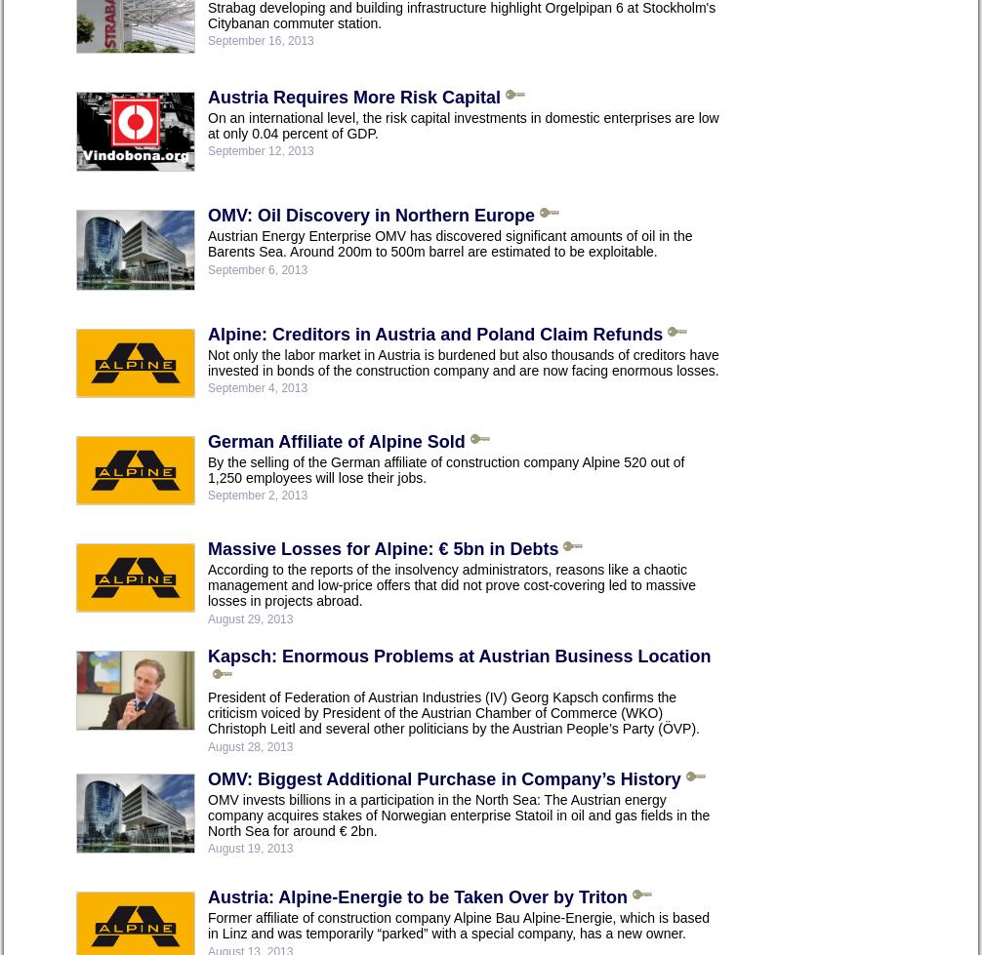  I want to click on 'Former affiliate of construction company Alpine Bau Alpine-Energie, which is based in Linz and was temporarily “parked” with a special company, has a new owner.', so click(458, 925).